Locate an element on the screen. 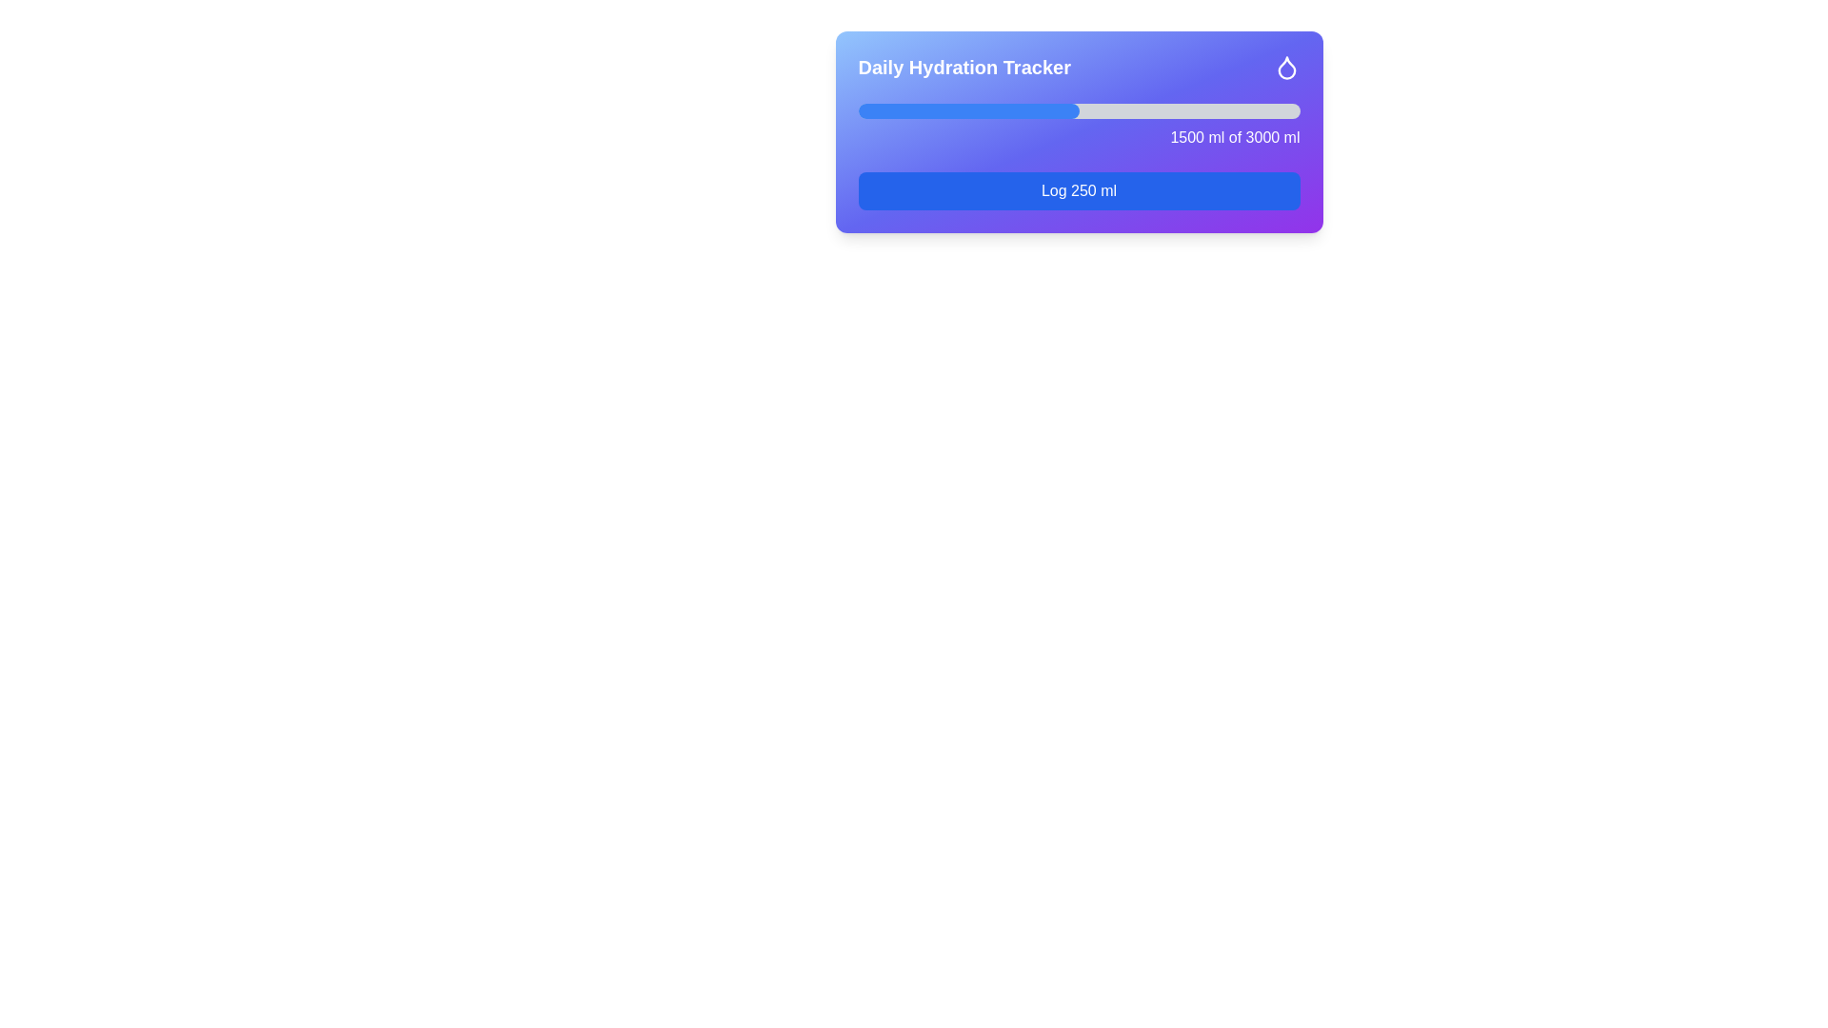  the decorative hydration icon located in the top-right corner of the 'Daily Hydration Tracker' card, which is not interactive is located at coordinates (1286, 66).